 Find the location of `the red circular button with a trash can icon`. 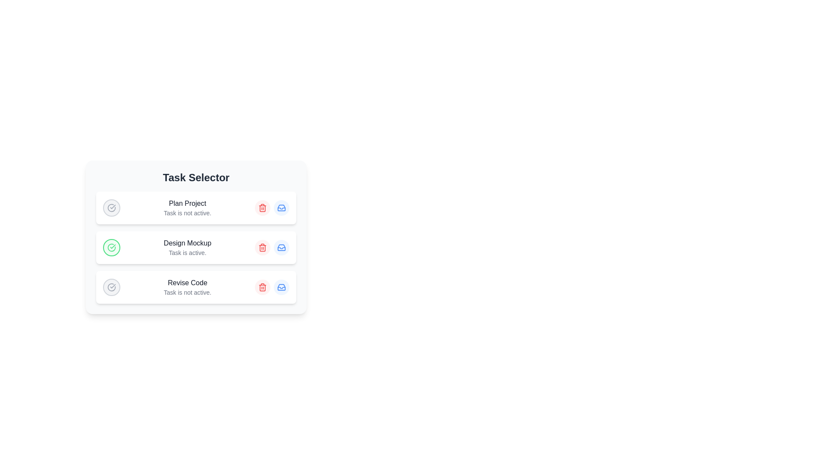

the red circular button with a trash can icon is located at coordinates (262, 248).